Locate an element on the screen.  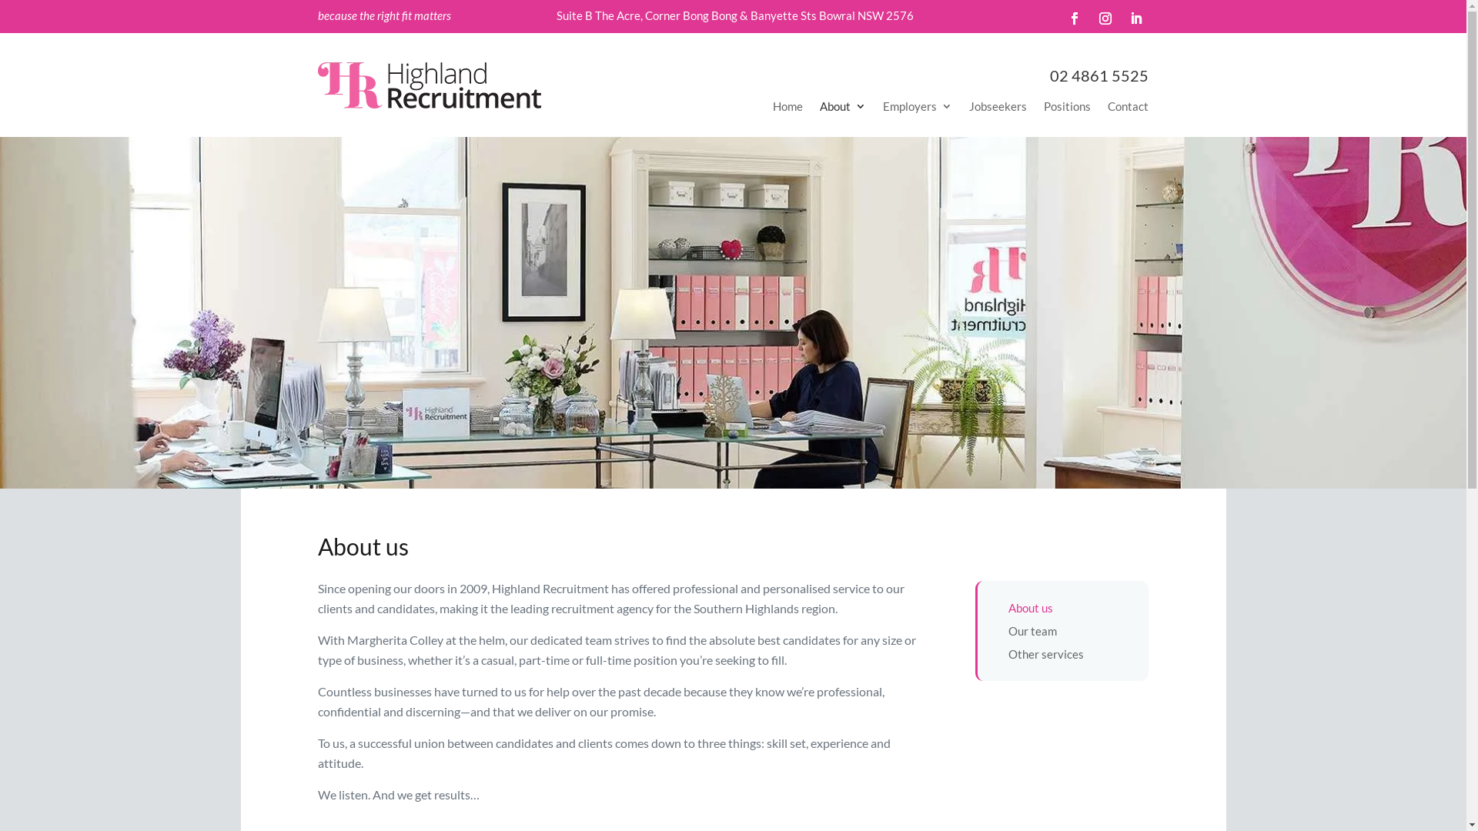
'Contact' is located at coordinates (1128, 108).